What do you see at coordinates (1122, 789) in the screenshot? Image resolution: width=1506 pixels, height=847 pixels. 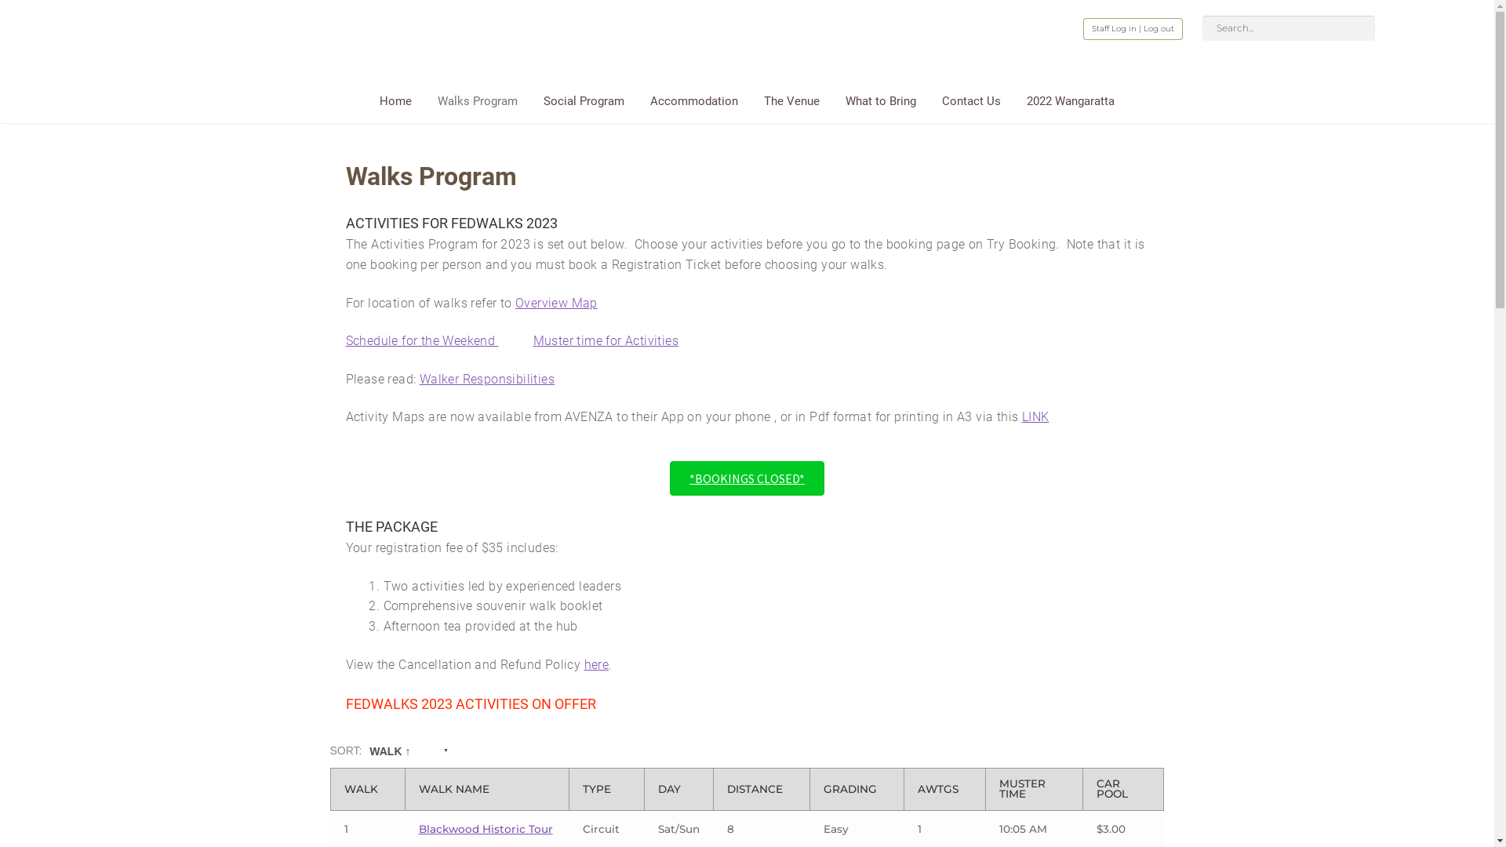 I see `'CAR POOL'` at bounding box center [1122, 789].